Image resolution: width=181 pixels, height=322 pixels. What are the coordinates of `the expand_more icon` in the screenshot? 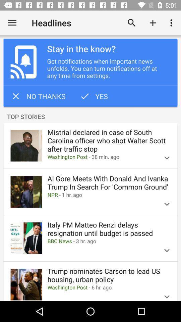 It's located at (166, 293).